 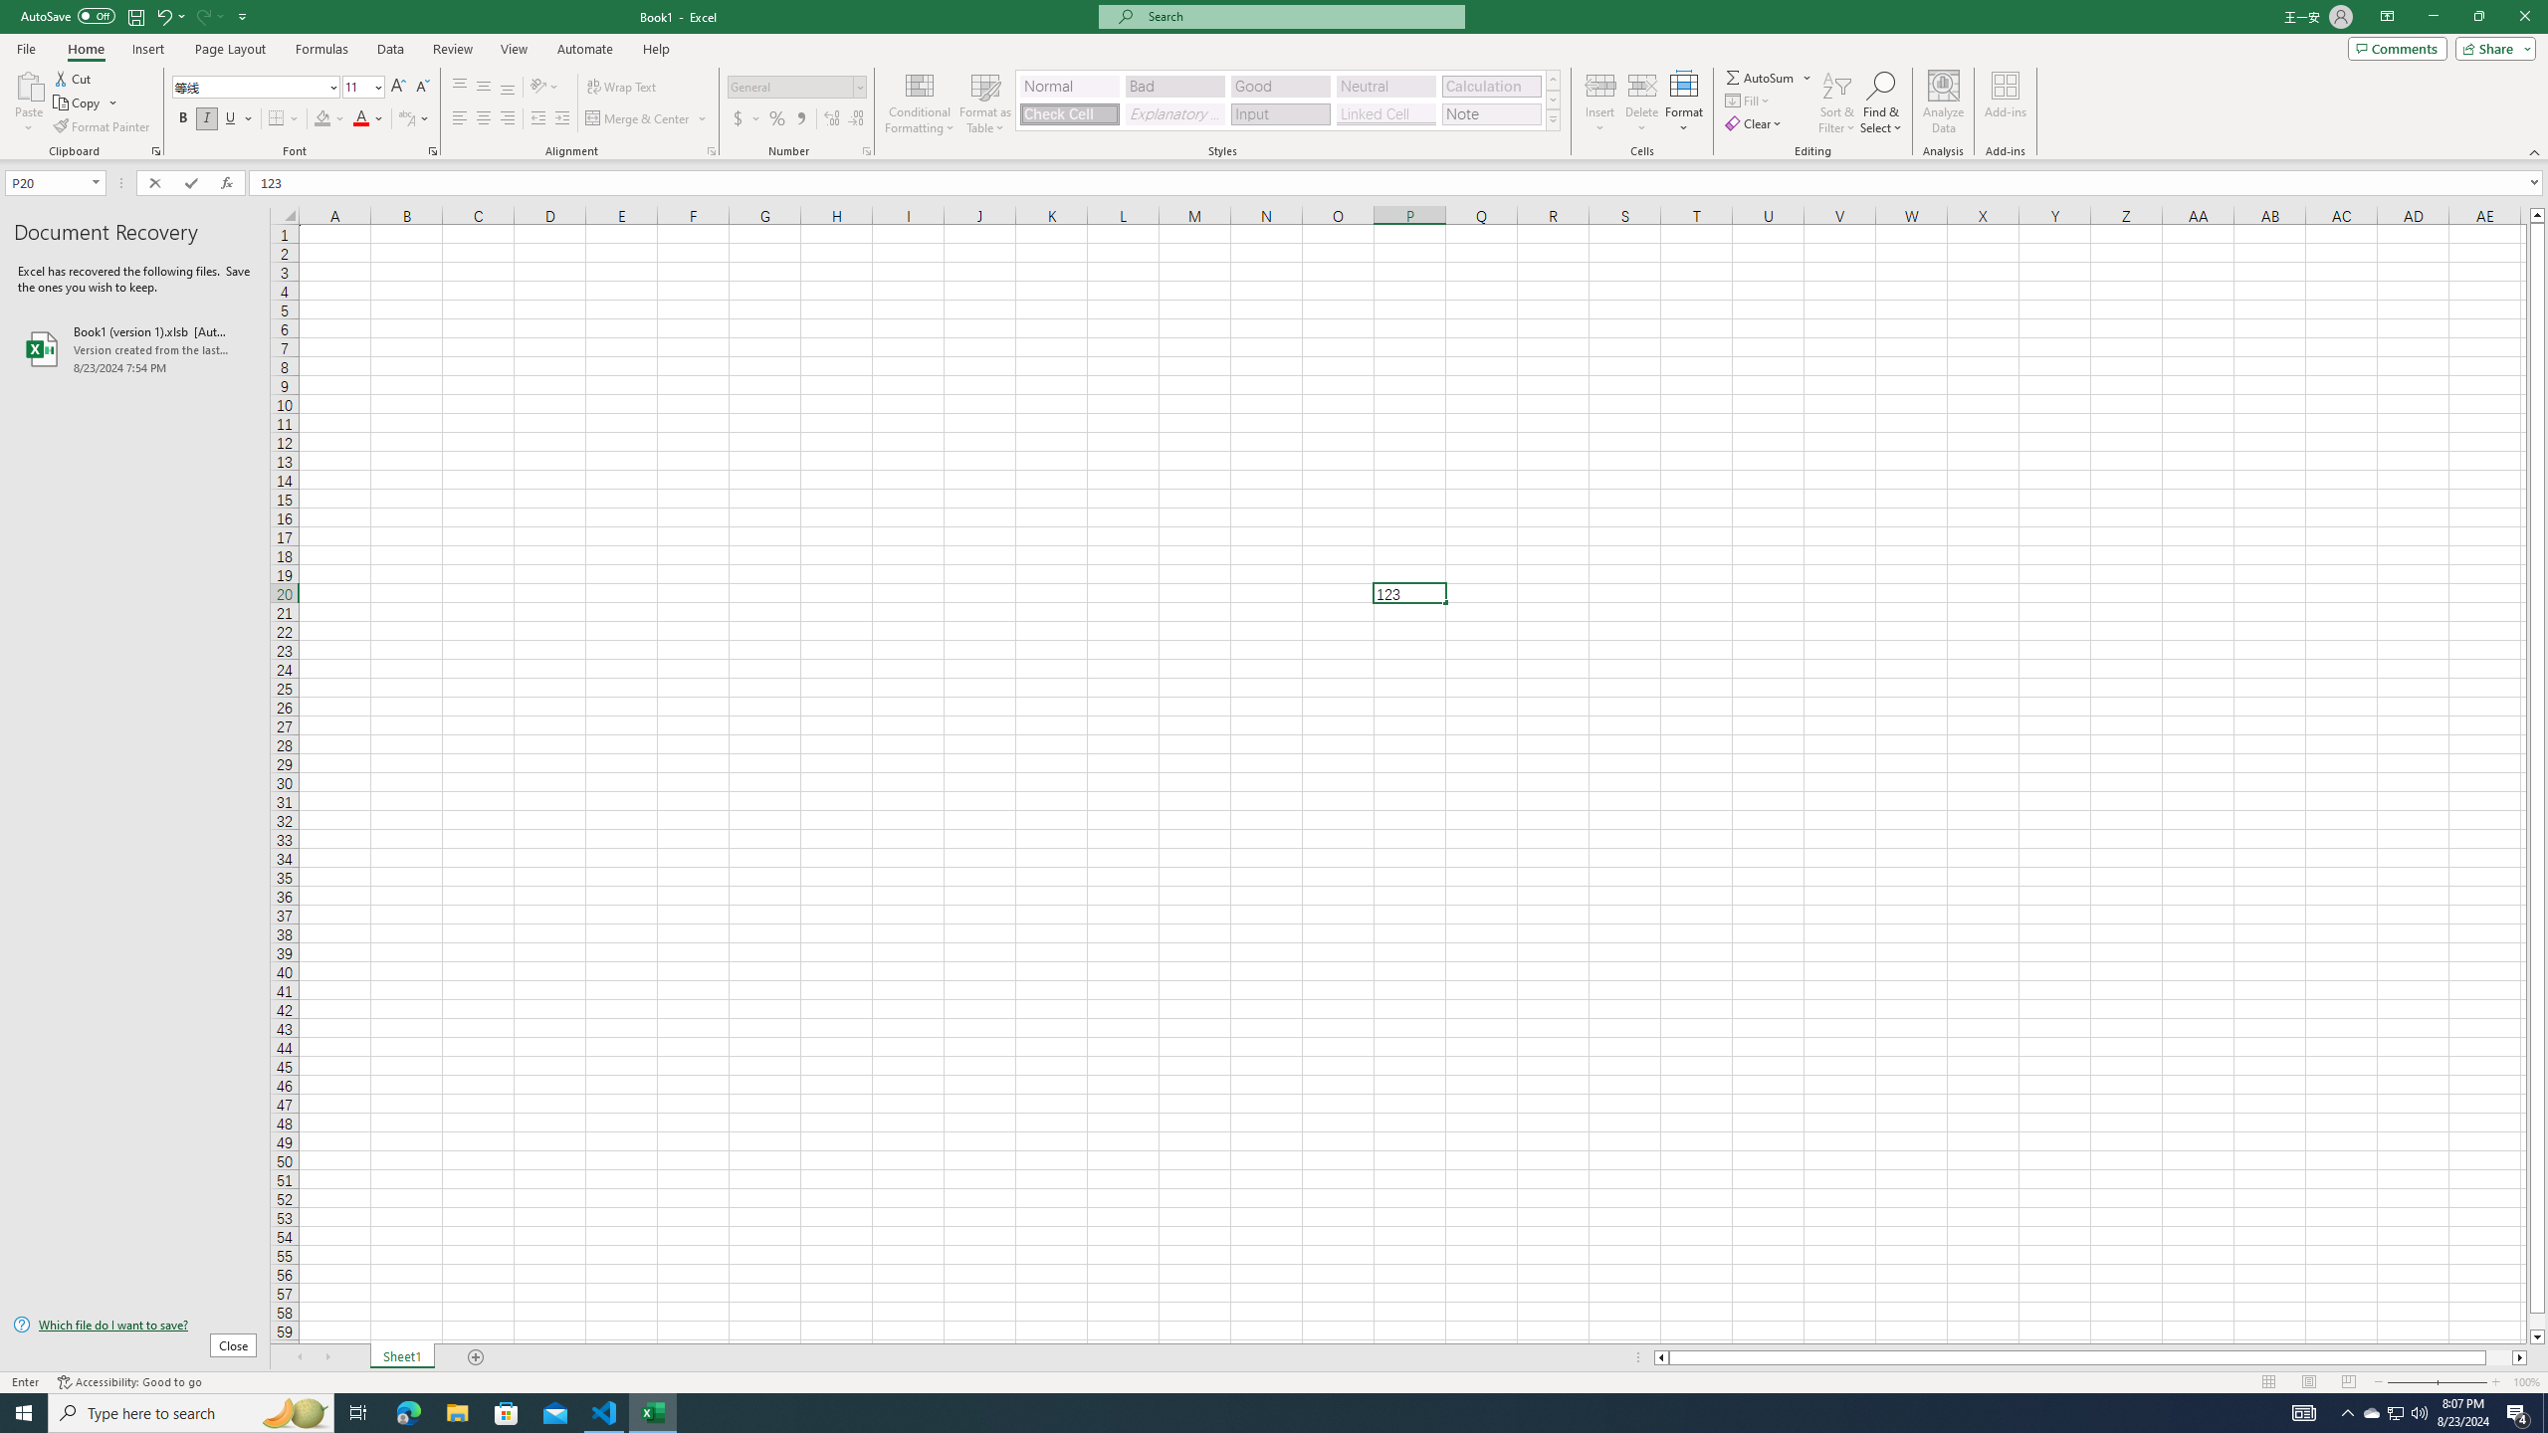 I want to click on 'Insert Cells', so click(x=1598, y=84).